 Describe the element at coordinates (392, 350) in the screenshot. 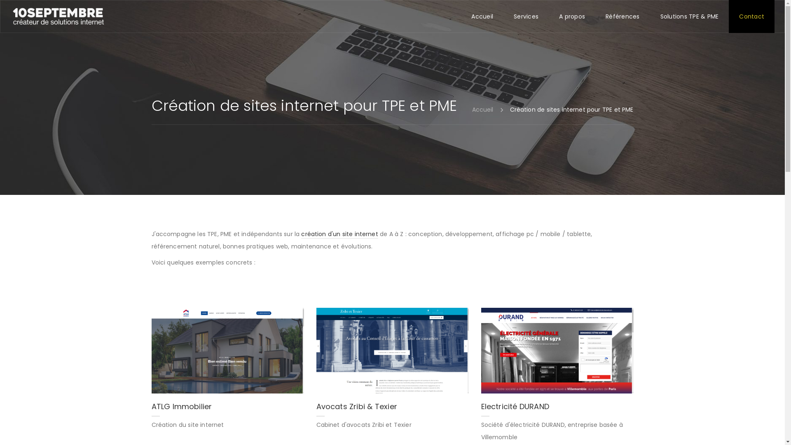

I see `'Avocats Zribi & Texier'` at that location.